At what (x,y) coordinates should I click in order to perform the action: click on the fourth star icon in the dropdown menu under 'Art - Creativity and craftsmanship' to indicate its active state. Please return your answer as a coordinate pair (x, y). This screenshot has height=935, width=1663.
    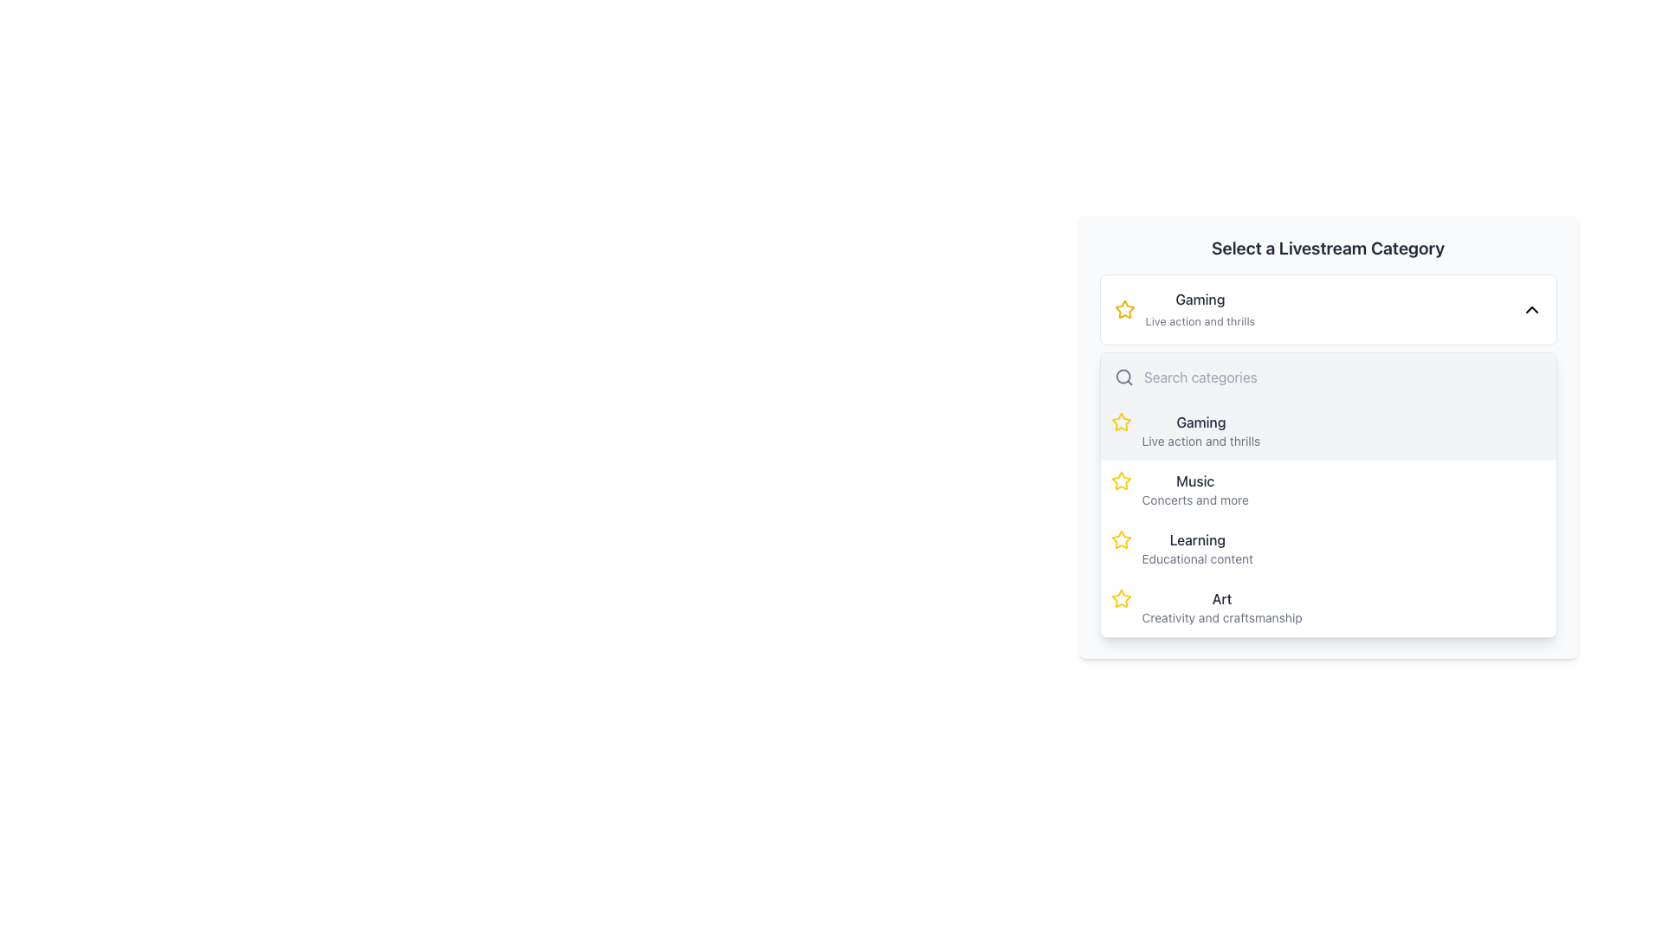
    Looking at the image, I should click on (1121, 597).